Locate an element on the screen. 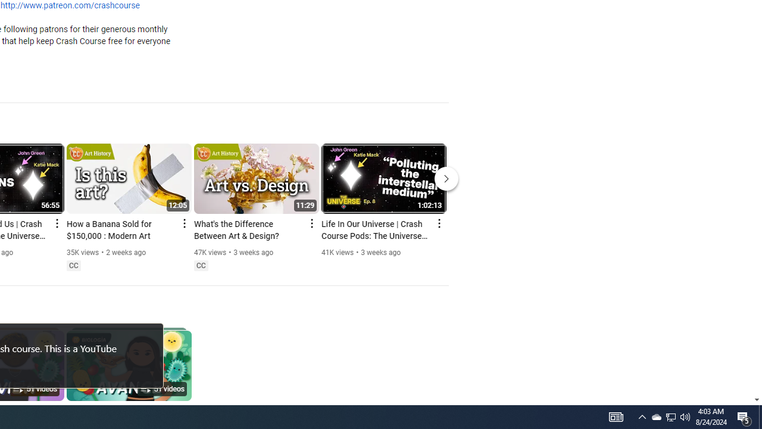 The image size is (762, 429). 'Closed captions' is located at coordinates (201, 265).